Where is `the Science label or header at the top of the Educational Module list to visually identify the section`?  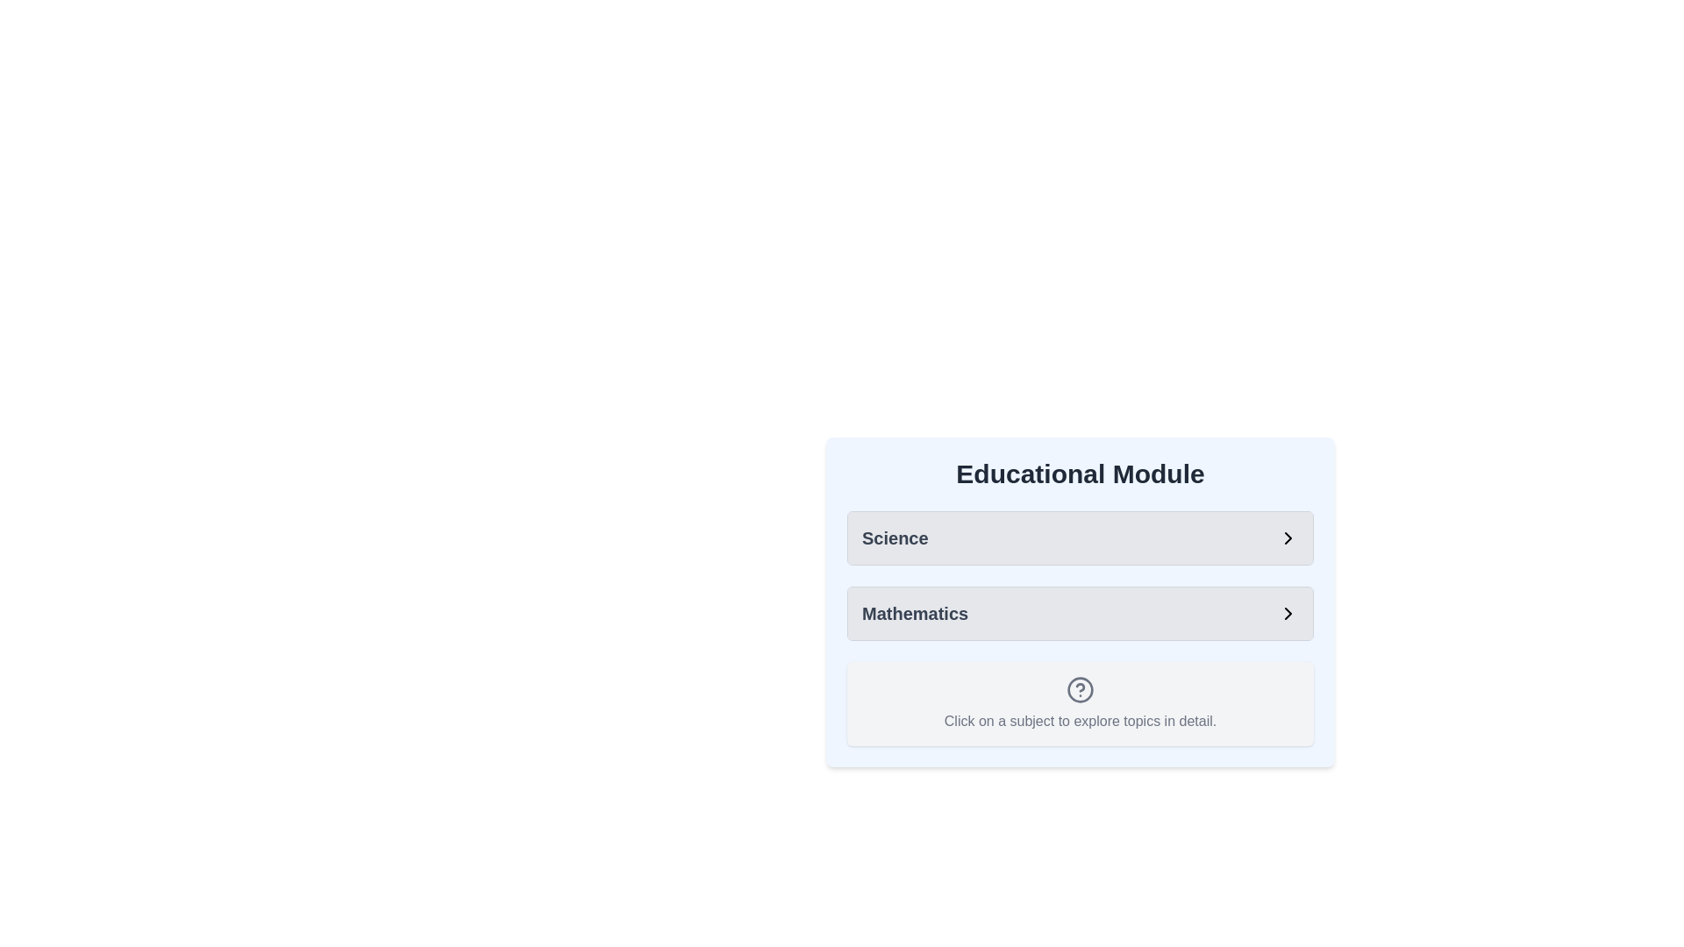 the Science label or header at the top of the Educational Module list to visually identify the section is located at coordinates (895, 537).